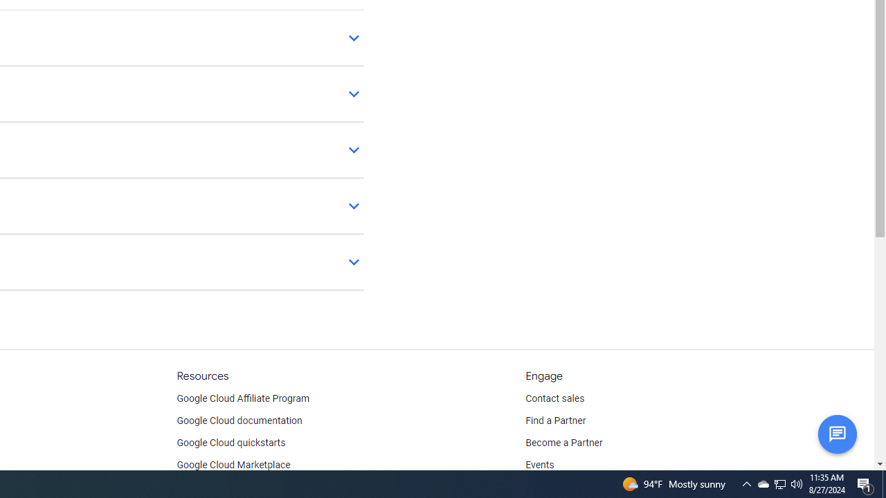 The image size is (886, 498). Describe the element at coordinates (539, 465) in the screenshot. I see `'Events'` at that location.